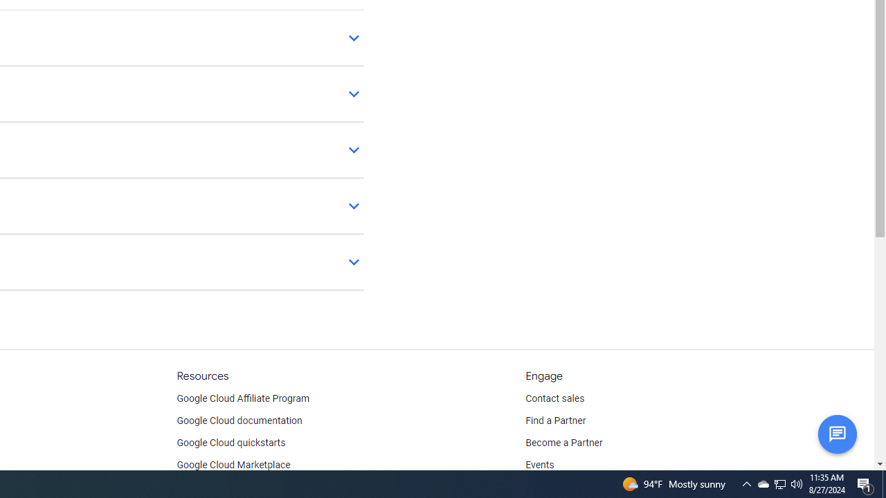 The image size is (886, 498). Describe the element at coordinates (539, 465) in the screenshot. I see `'Events'` at that location.